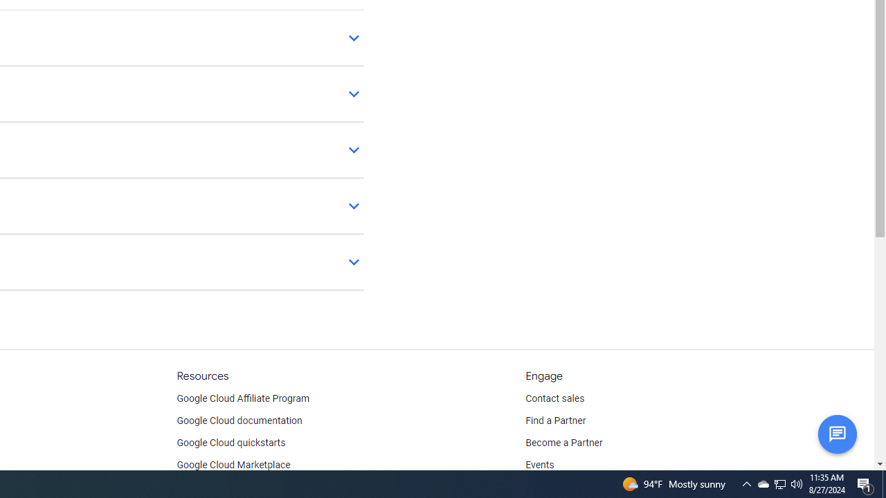 The image size is (886, 498). Describe the element at coordinates (539, 465) in the screenshot. I see `'Events'` at that location.